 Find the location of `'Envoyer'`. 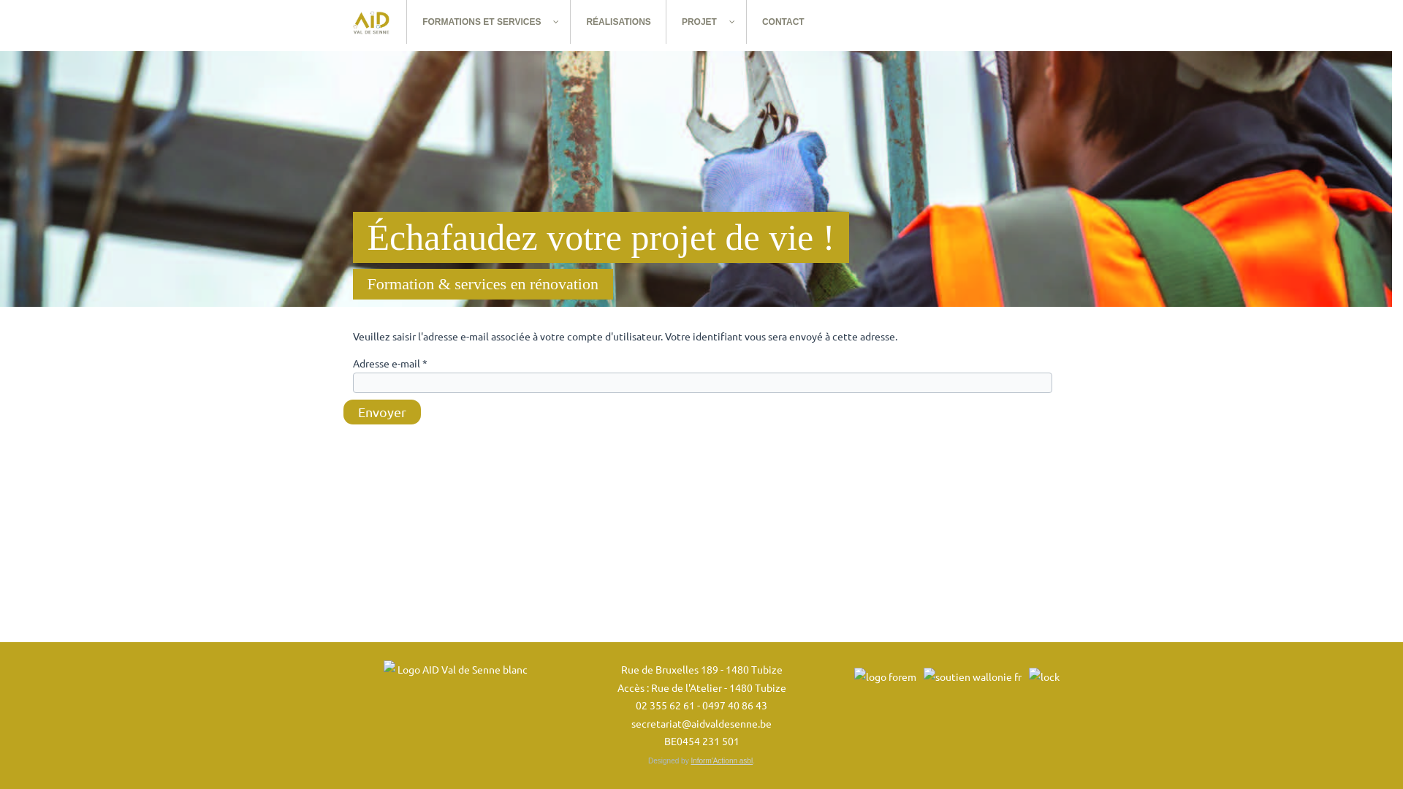

'Envoyer' is located at coordinates (382, 411).